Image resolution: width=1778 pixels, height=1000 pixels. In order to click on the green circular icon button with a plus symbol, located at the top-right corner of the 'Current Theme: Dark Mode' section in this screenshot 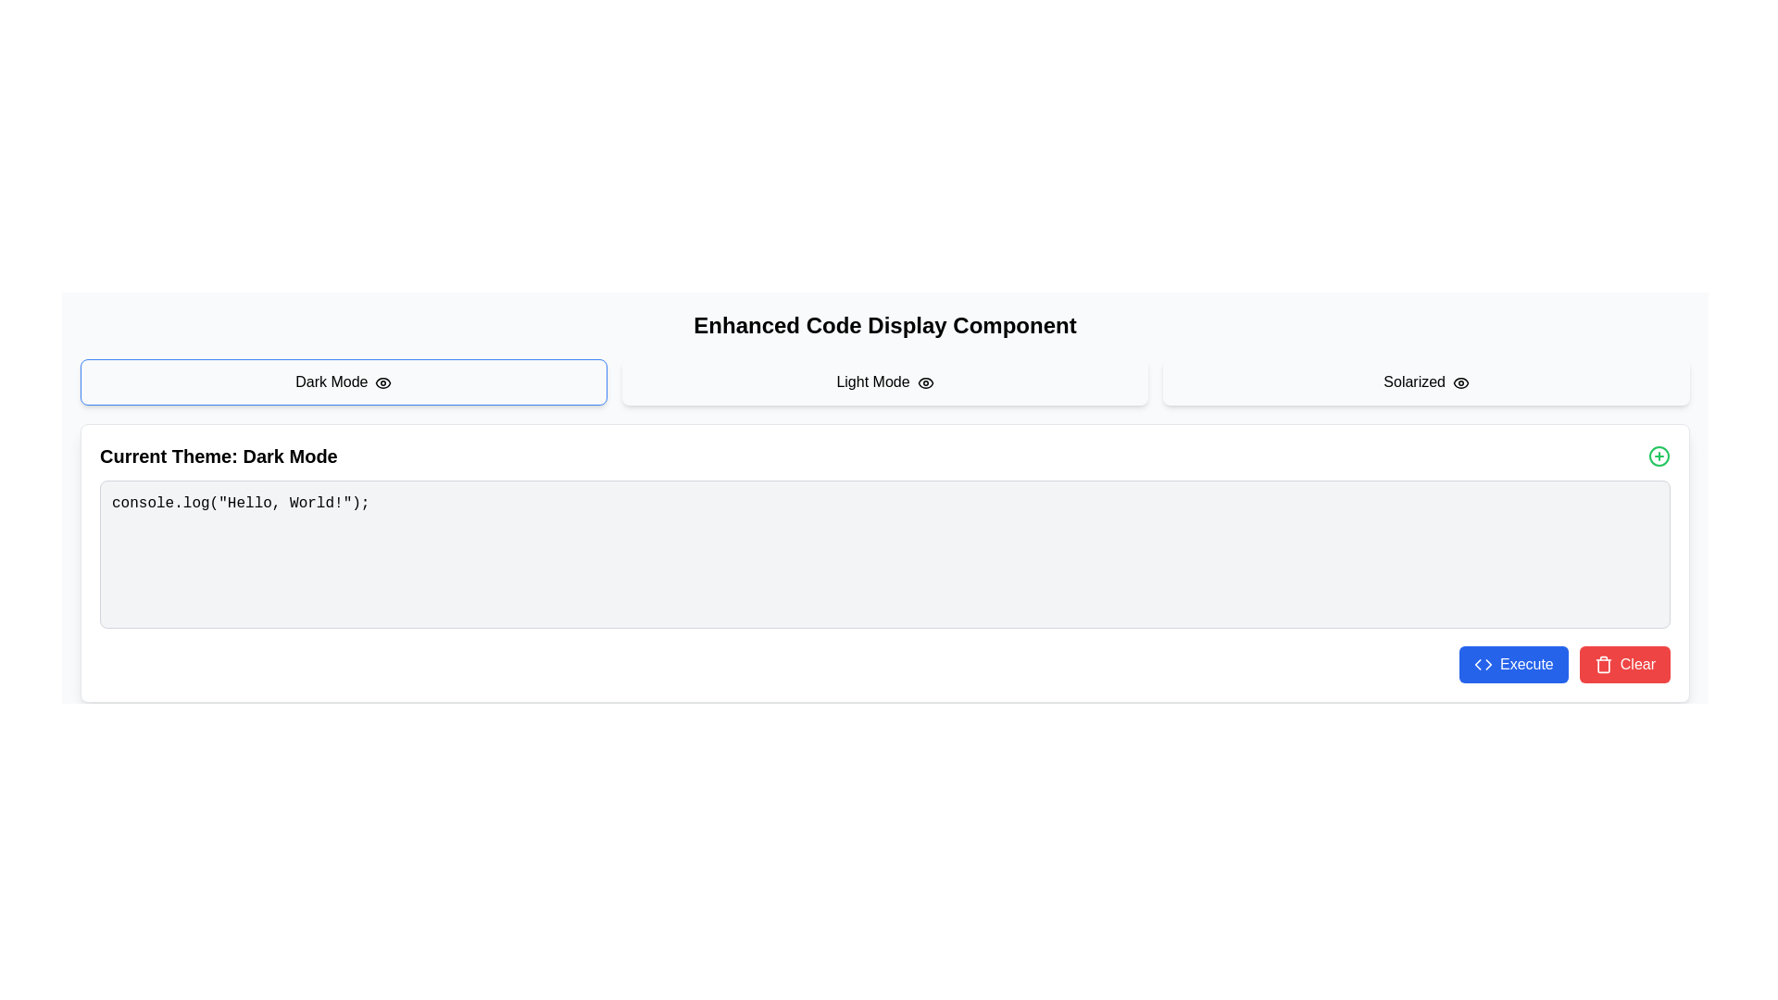, I will do `click(1659, 456)`.